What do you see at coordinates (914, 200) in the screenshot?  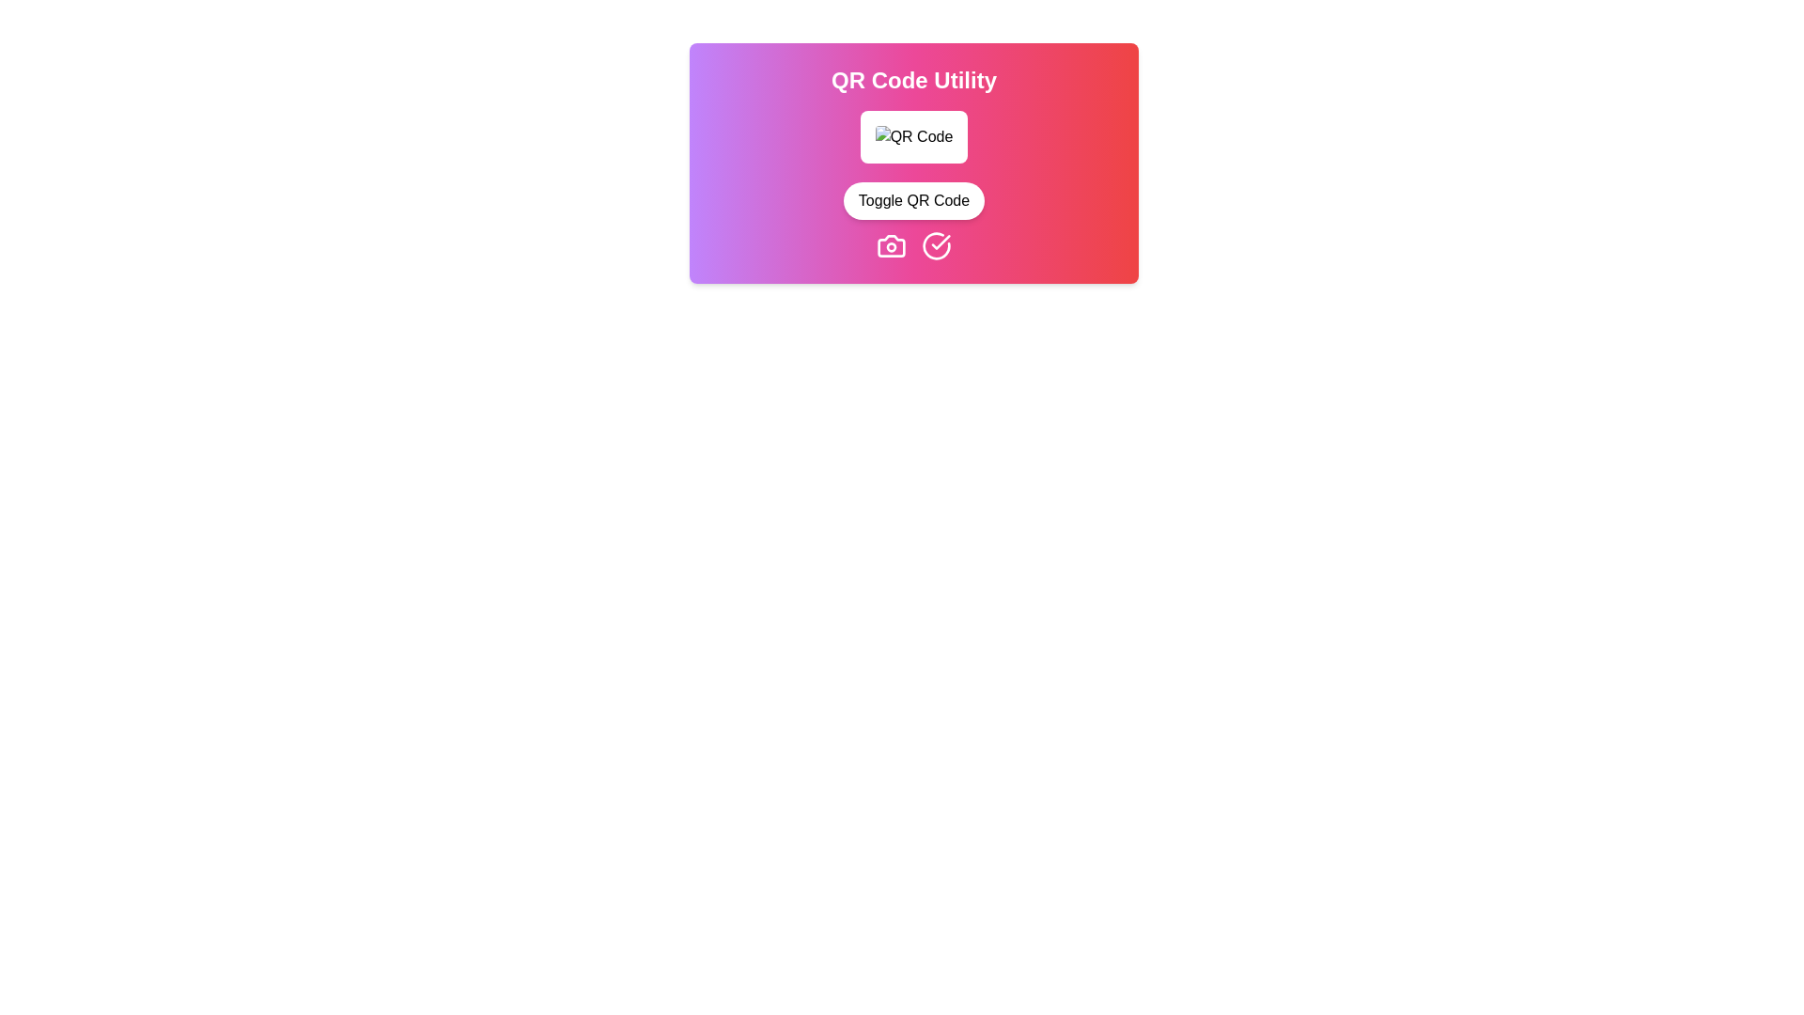 I see `the 'Toggle QR Code' button, which has a white background and rounded corners` at bounding box center [914, 200].